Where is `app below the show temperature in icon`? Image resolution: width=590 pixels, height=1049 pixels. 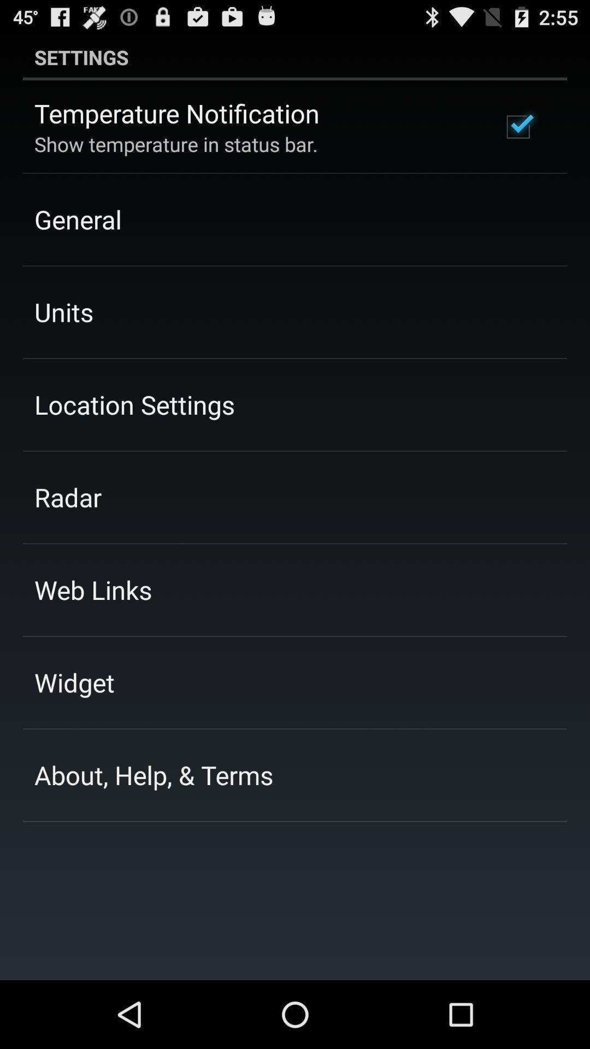
app below the show temperature in icon is located at coordinates (77, 219).